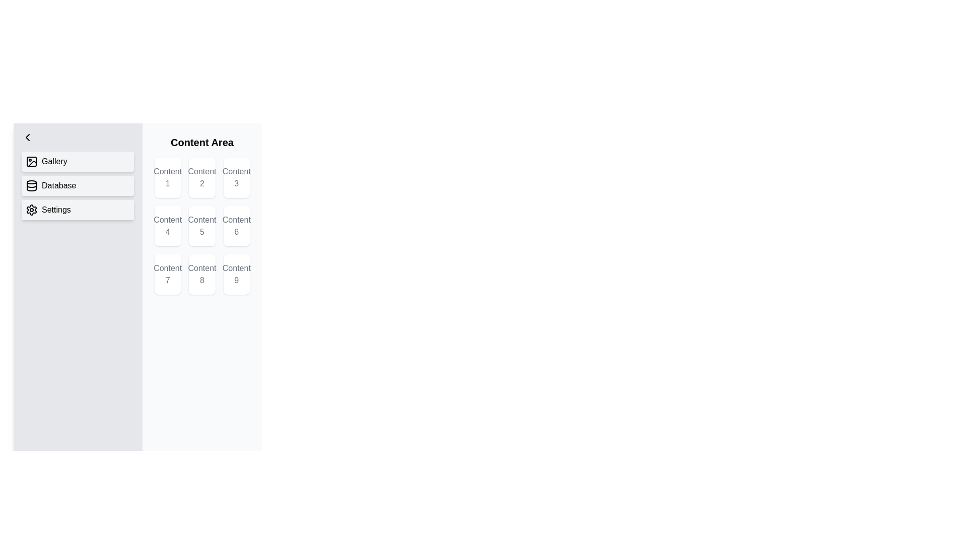 This screenshot has height=544, width=967. What do you see at coordinates (77, 186) in the screenshot?
I see `the navigational button located in the sidebar, which is the second item in the vertical list` at bounding box center [77, 186].